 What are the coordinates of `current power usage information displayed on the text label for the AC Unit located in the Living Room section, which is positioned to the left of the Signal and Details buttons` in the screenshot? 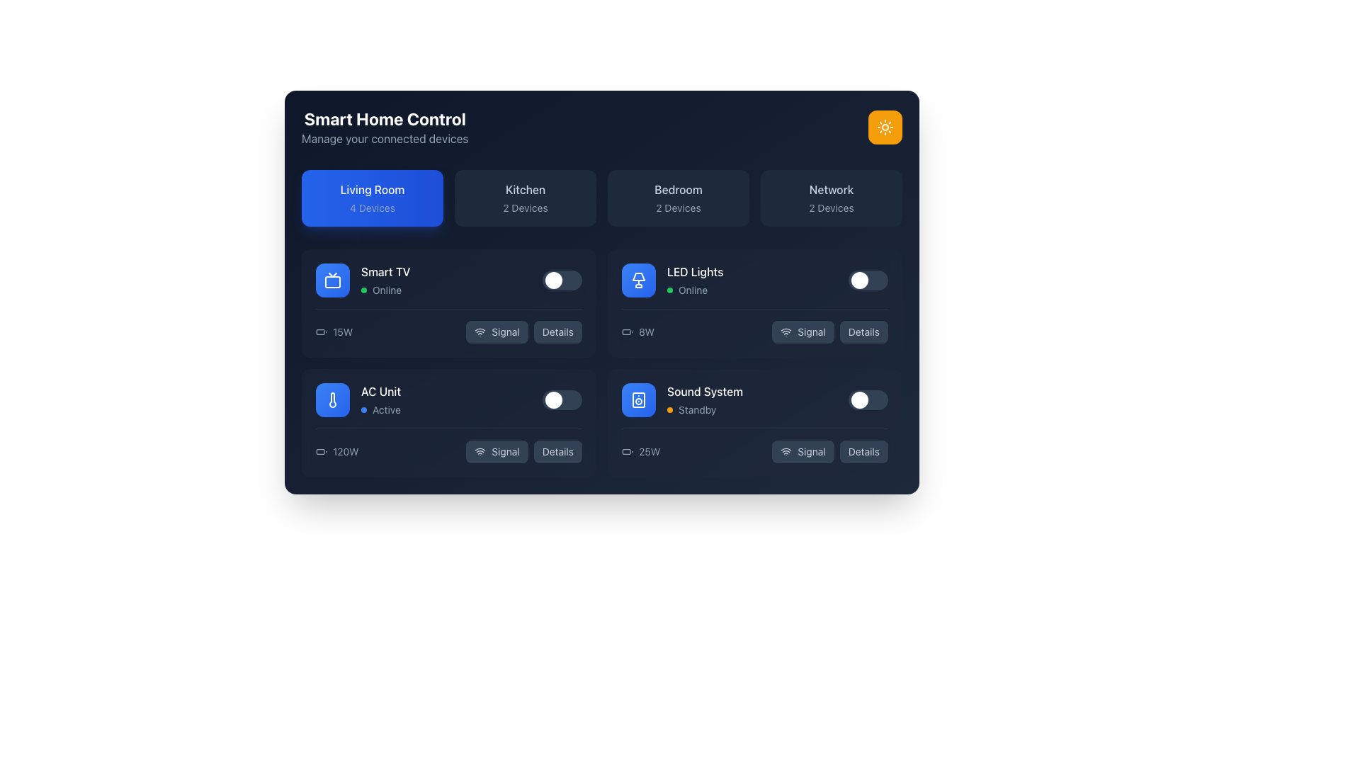 It's located at (336, 451).